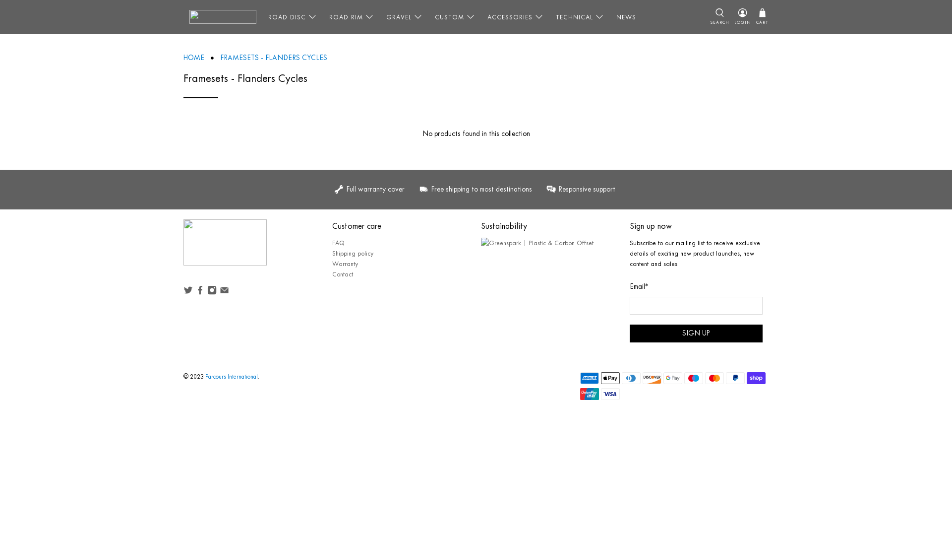 This screenshot has width=952, height=536. What do you see at coordinates (428, 17) in the screenshot?
I see `'CUSTOM'` at bounding box center [428, 17].